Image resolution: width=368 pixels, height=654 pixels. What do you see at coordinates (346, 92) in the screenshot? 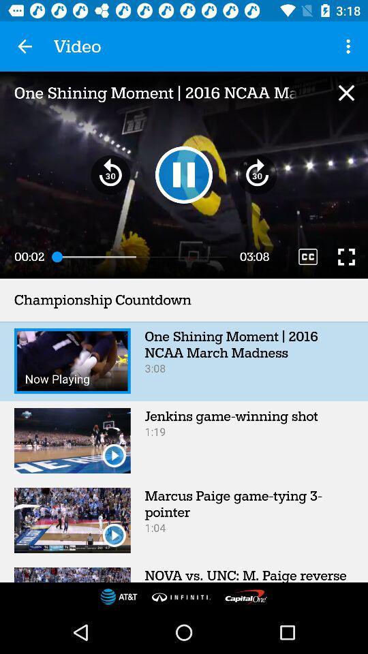
I see `close` at bounding box center [346, 92].